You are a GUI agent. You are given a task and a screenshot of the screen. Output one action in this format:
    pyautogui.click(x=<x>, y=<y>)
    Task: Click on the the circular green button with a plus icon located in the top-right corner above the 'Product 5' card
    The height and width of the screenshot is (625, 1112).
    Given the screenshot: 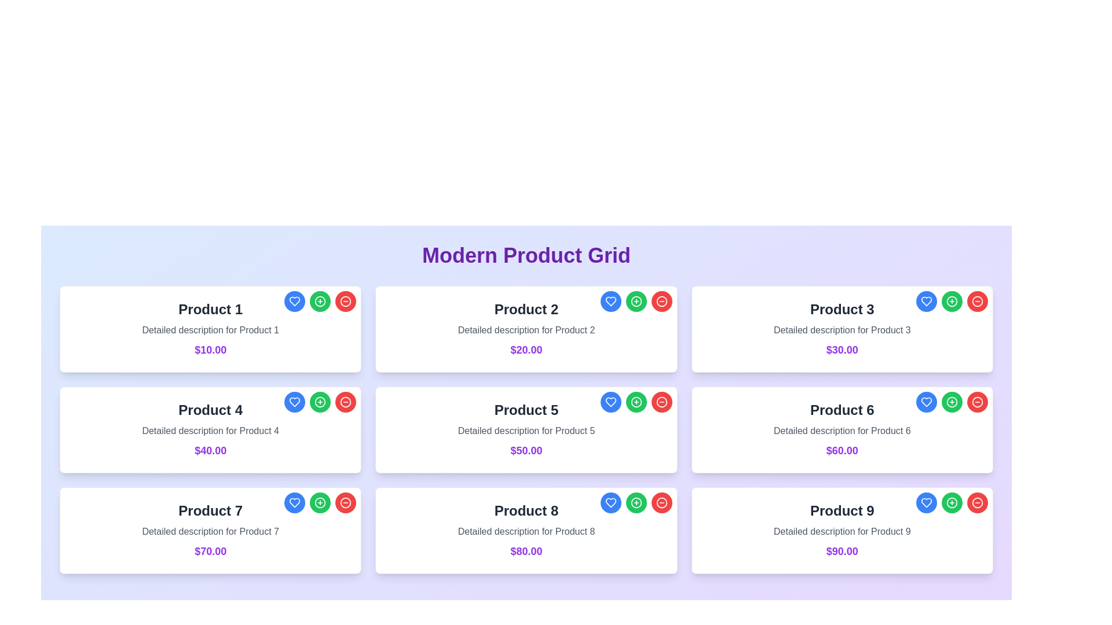 What is the action you would take?
    pyautogui.click(x=635, y=401)
    